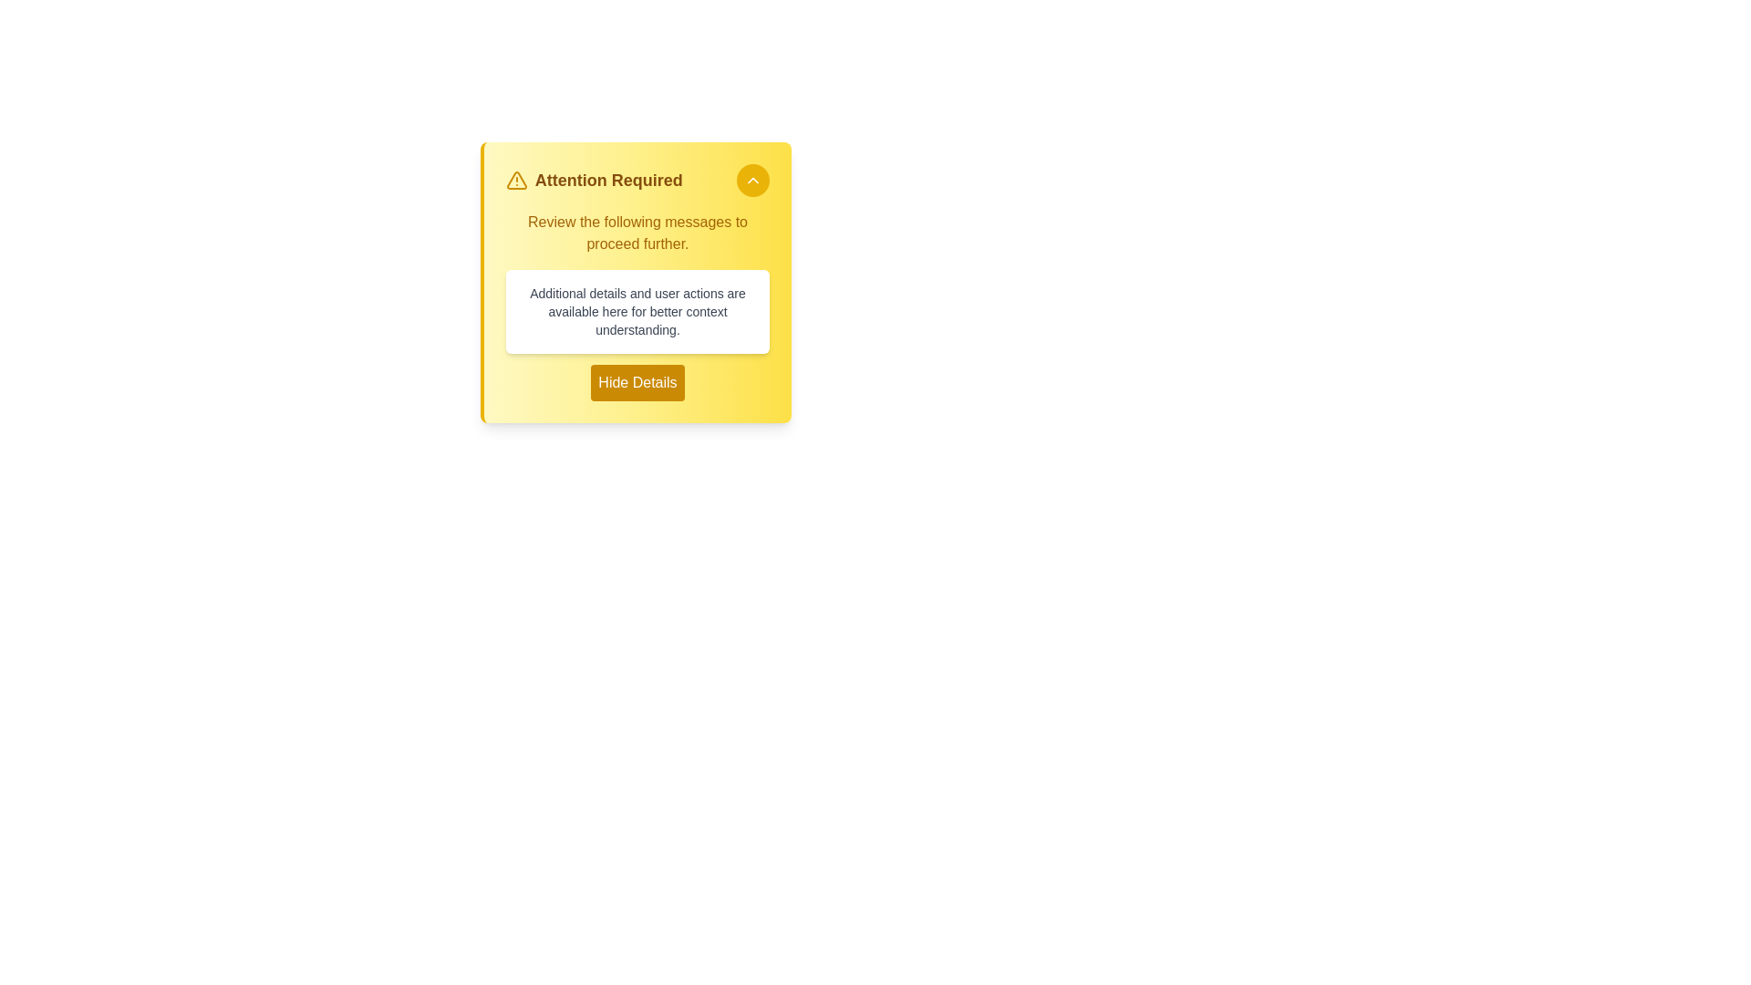  What do you see at coordinates (515, 180) in the screenshot?
I see `the alert icon to display additional context` at bounding box center [515, 180].